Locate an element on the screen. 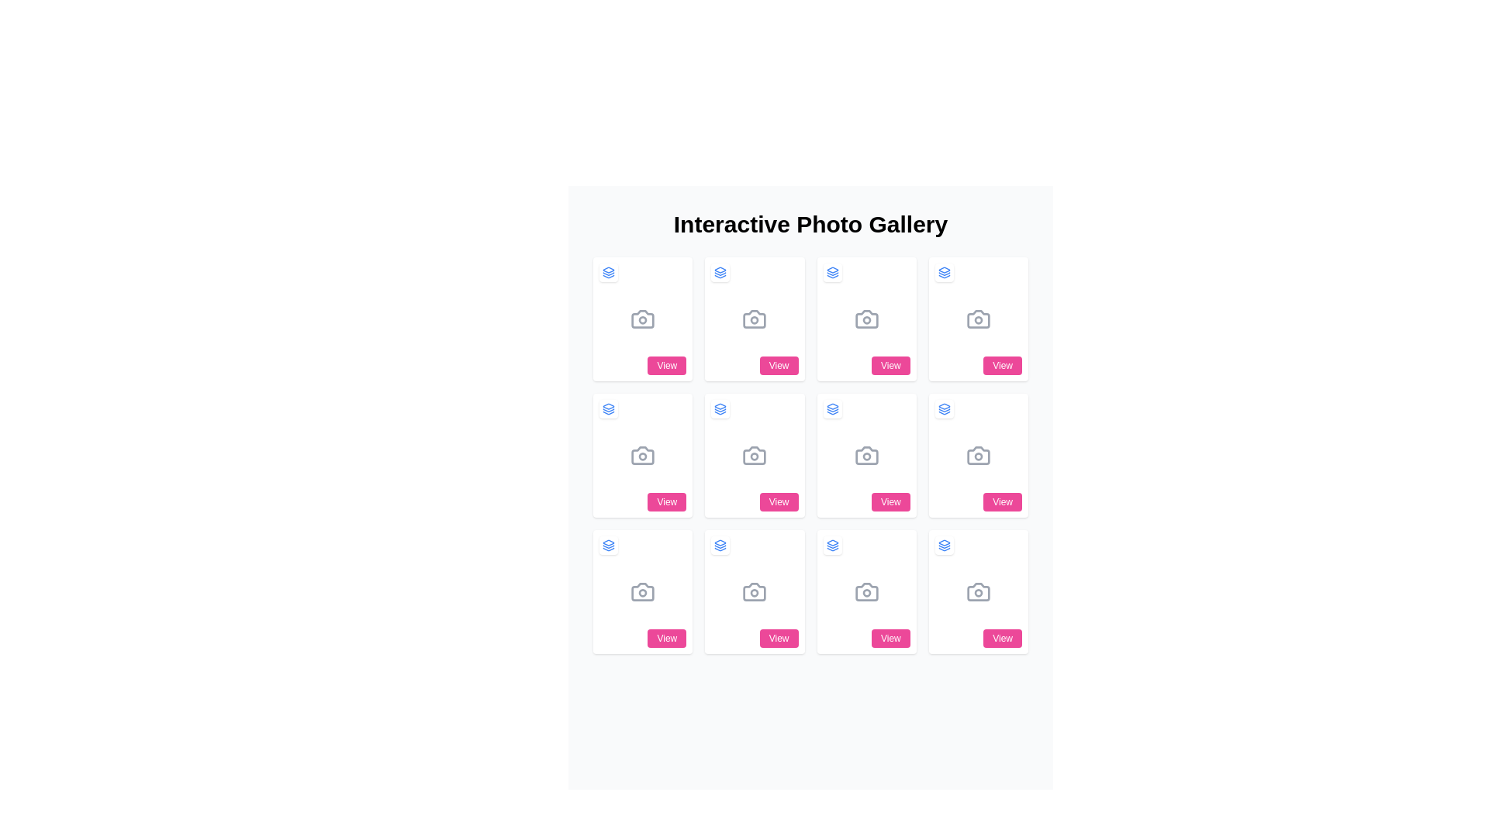 The height and width of the screenshot is (837, 1489). the small, blue icon resembling stacked layers located in the top-left corner of the card in the fifth row and second column of the grid in the 'Interactive Photo Gallery' interface is located at coordinates (831, 545).